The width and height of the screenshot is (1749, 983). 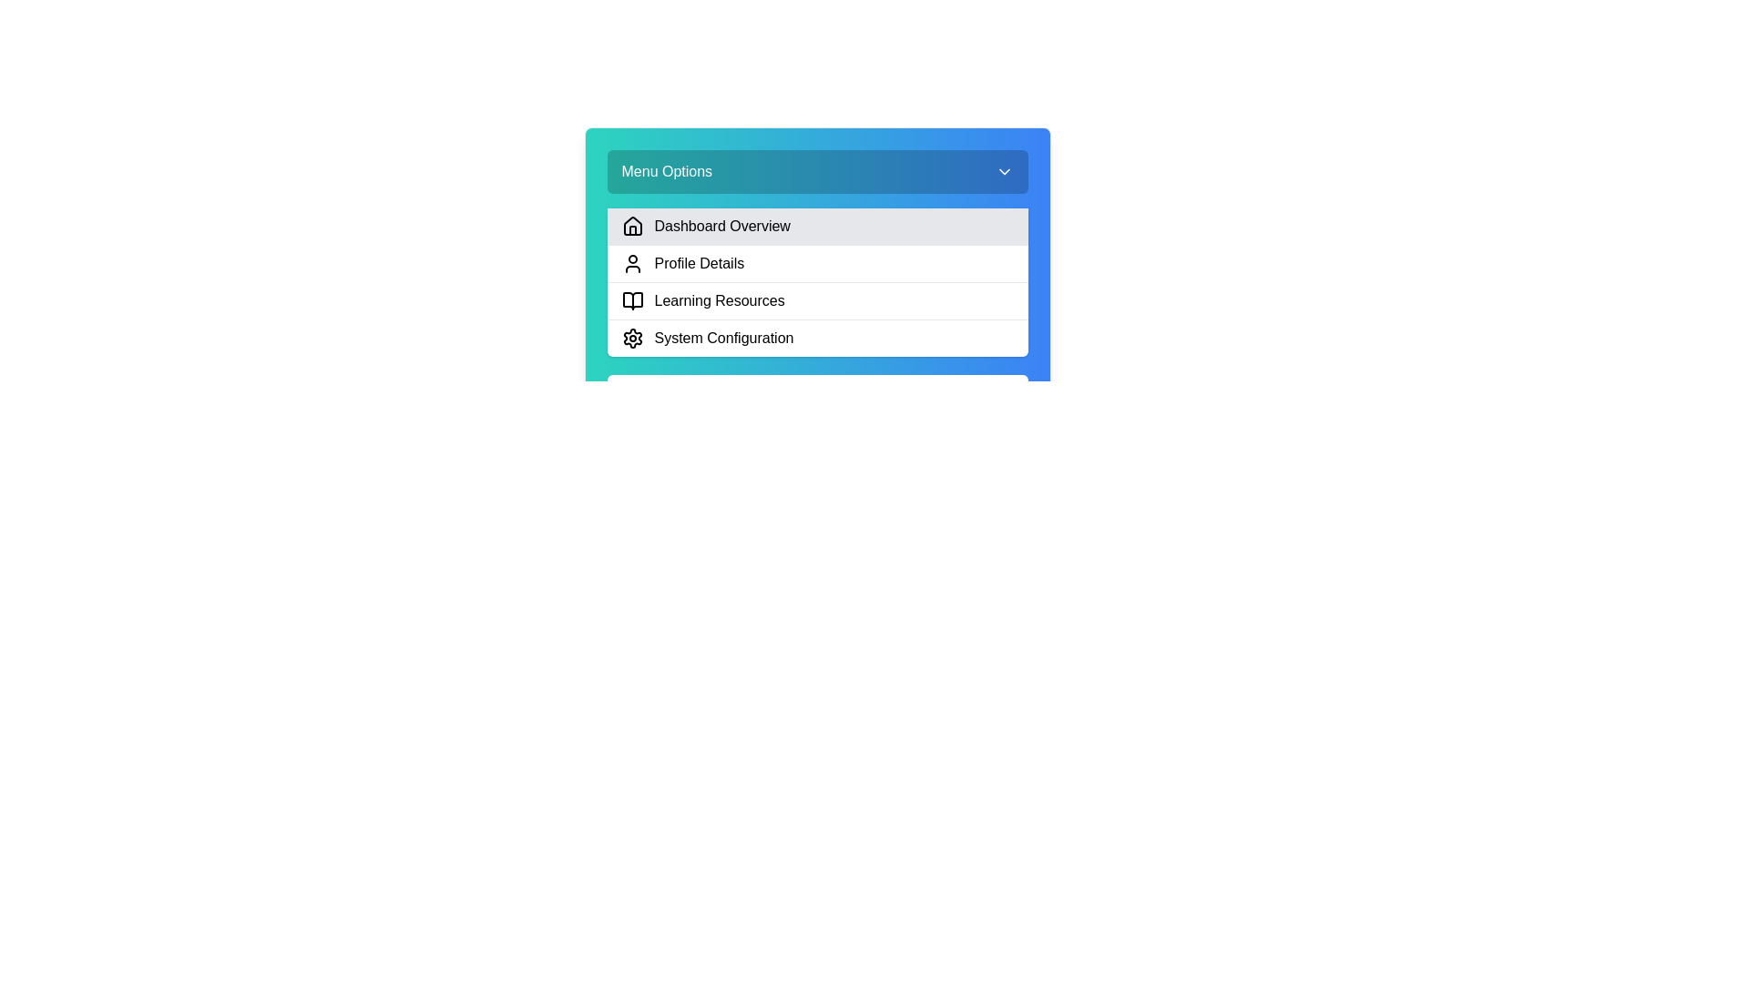 I want to click on the 'Learning Resources' icon, which is the third icon in the horizontal menu list, positioned to the left of the text 'Learning Resources', so click(x=632, y=300).